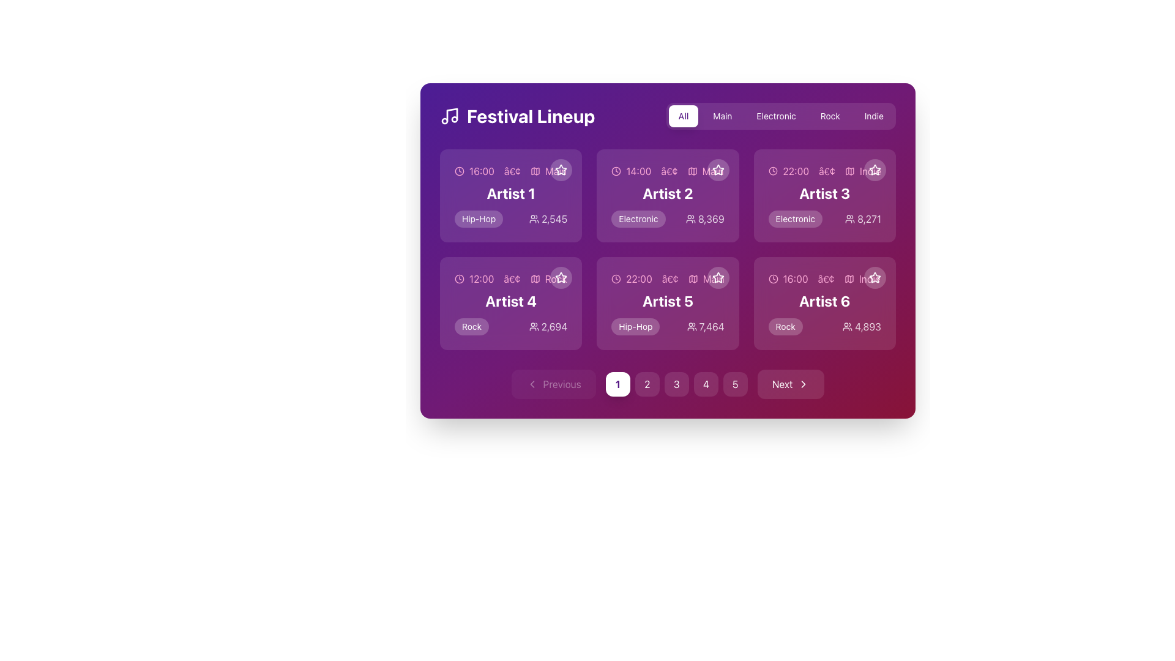 The image size is (1175, 661). I want to click on the clock icon located at the top-left corner of the content box labeled 'Artist 6', adjacent to the text '16:00', so click(772, 278).